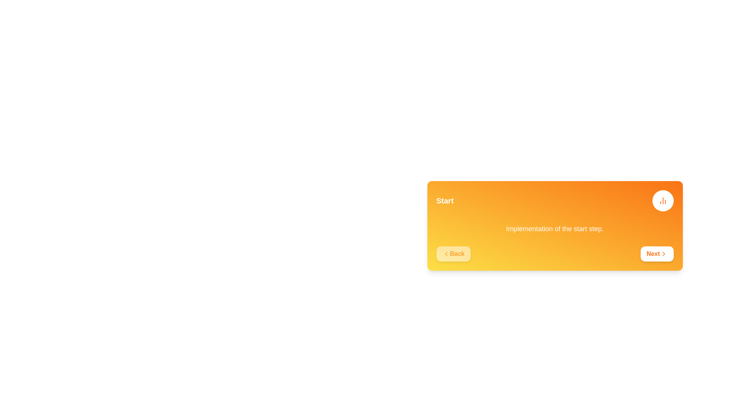 The width and height of the screenshot is (730, 410). What do you see at coordinates (446, 254) in the screenshot?
I see `the left-pointing chevron icon in the 'Back' navigation button located at the bottom left of the orange gradient panel` at bounding box center [446, 254].